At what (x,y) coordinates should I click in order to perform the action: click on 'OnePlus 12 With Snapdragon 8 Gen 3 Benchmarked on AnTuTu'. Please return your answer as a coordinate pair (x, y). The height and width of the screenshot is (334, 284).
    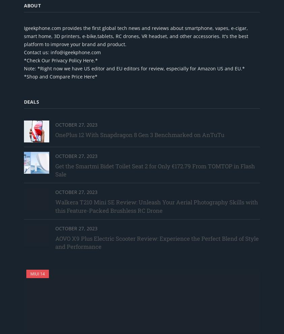
    Looking at the image, I should click on (140, 134).